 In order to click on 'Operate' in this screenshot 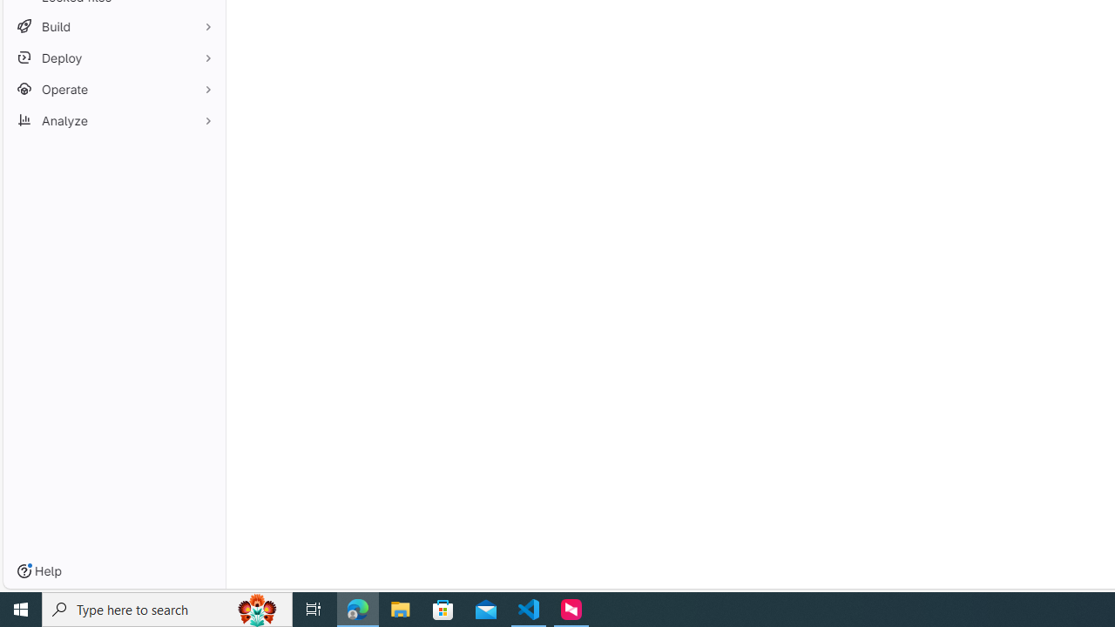, I will do `click(113, 89)`.